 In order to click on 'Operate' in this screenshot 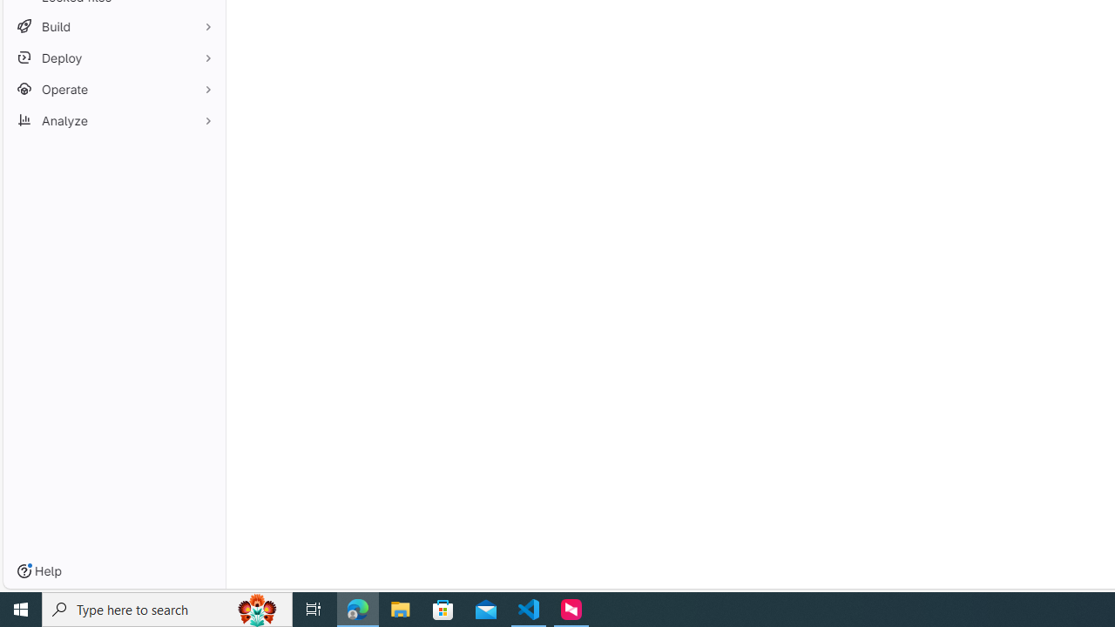, I will do `click(113, 89)`.